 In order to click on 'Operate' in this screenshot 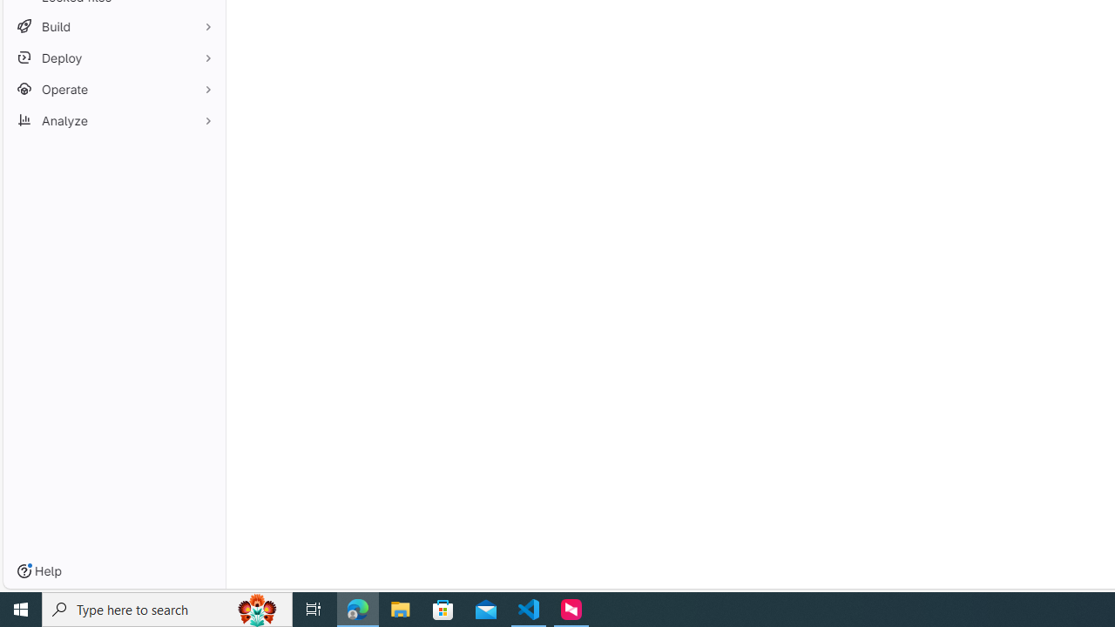, I will do `click(113, 89)`.